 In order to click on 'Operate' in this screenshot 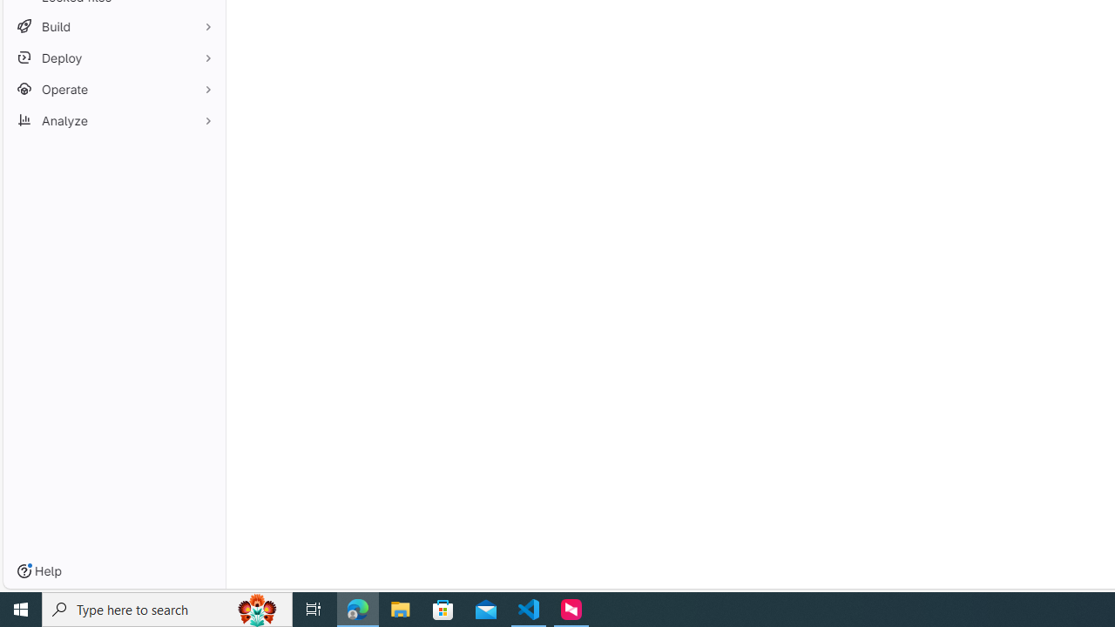, I will do `click(113, 89)`.